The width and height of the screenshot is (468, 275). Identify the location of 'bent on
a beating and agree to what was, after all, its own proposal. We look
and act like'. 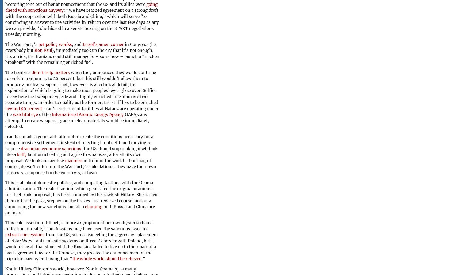
(5, 157).